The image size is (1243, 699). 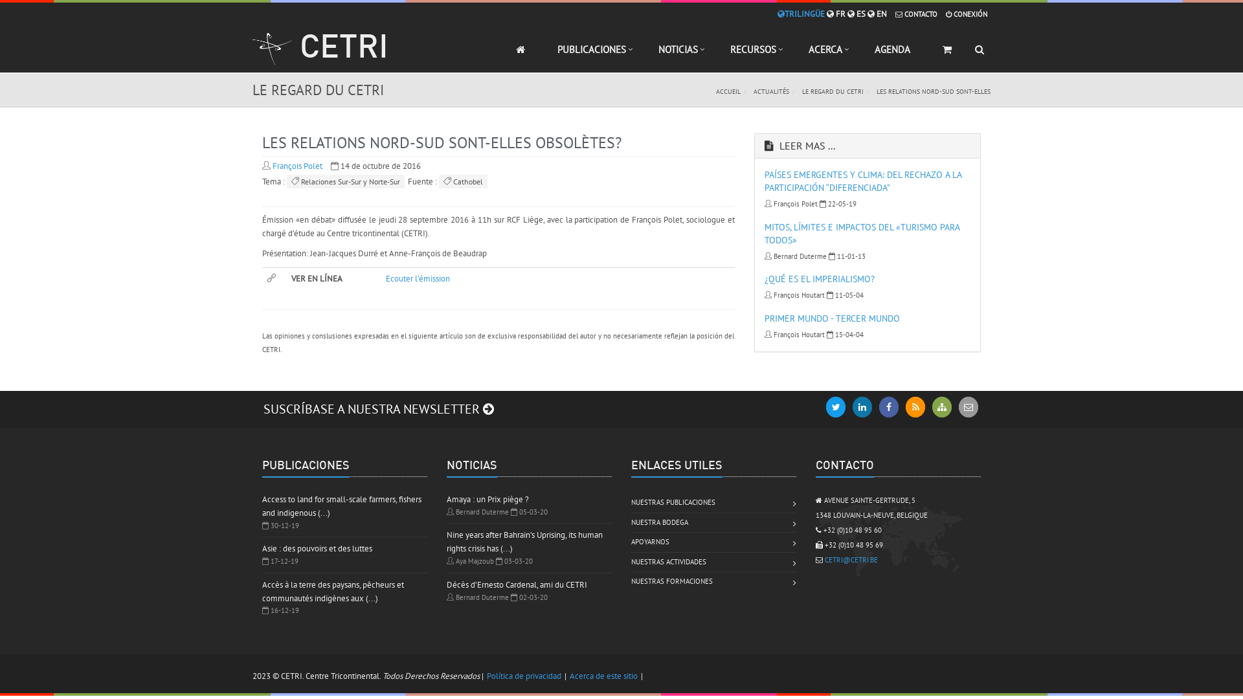 What do you see at coordinates (753, 54) in the screenshot?
I see `'RECURSOS'` at bounding box center [753, 54].